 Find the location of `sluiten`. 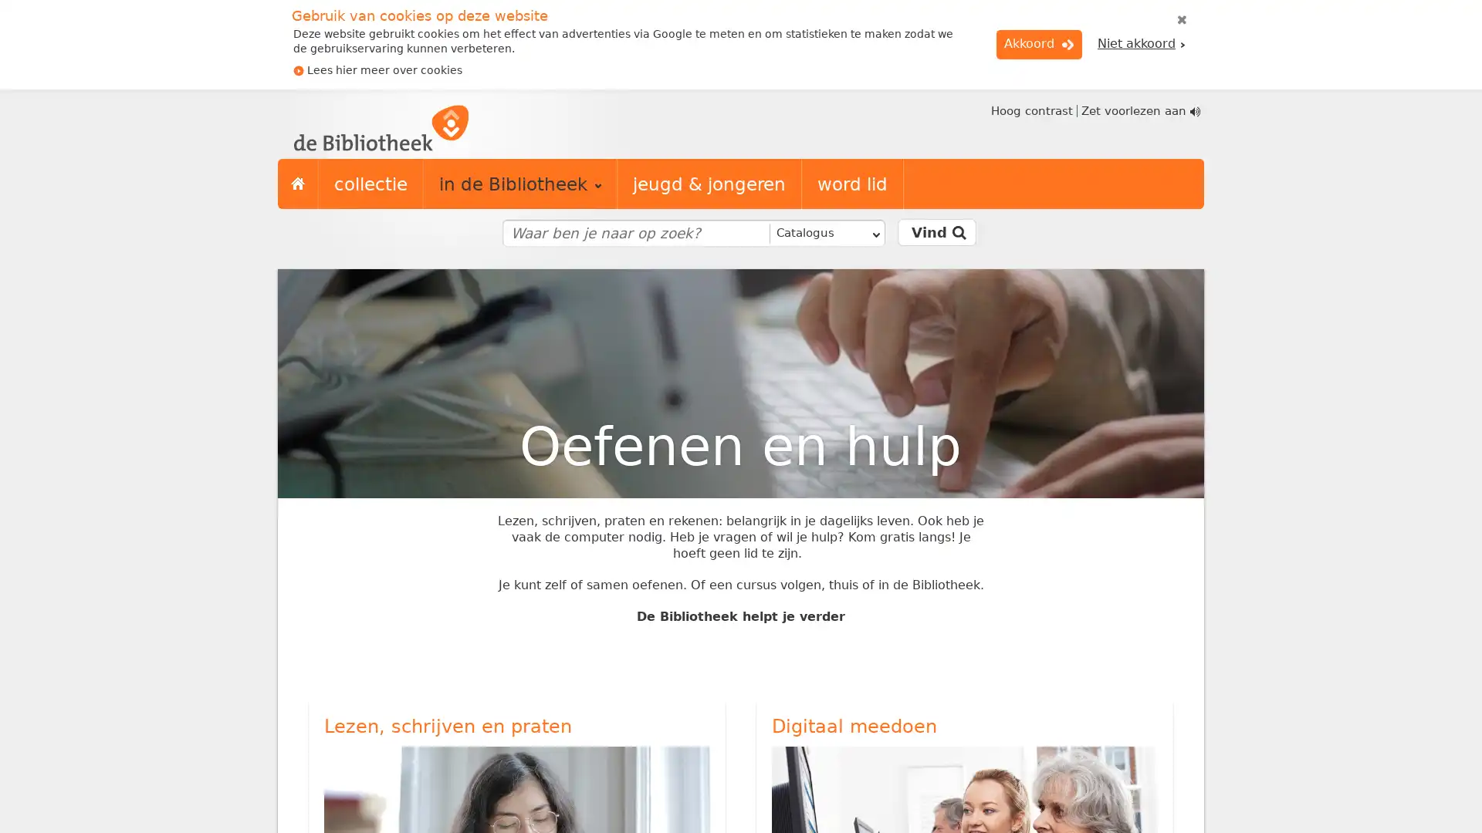

sluiten is located at coordinates (1181, 20).